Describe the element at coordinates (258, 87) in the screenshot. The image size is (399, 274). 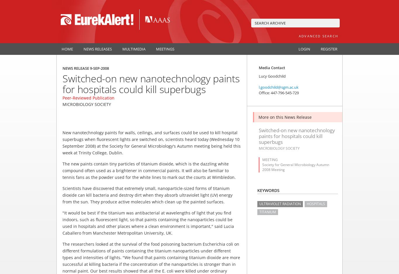
I see `'l.goodchild@sgm.ac.uk'` at that location.